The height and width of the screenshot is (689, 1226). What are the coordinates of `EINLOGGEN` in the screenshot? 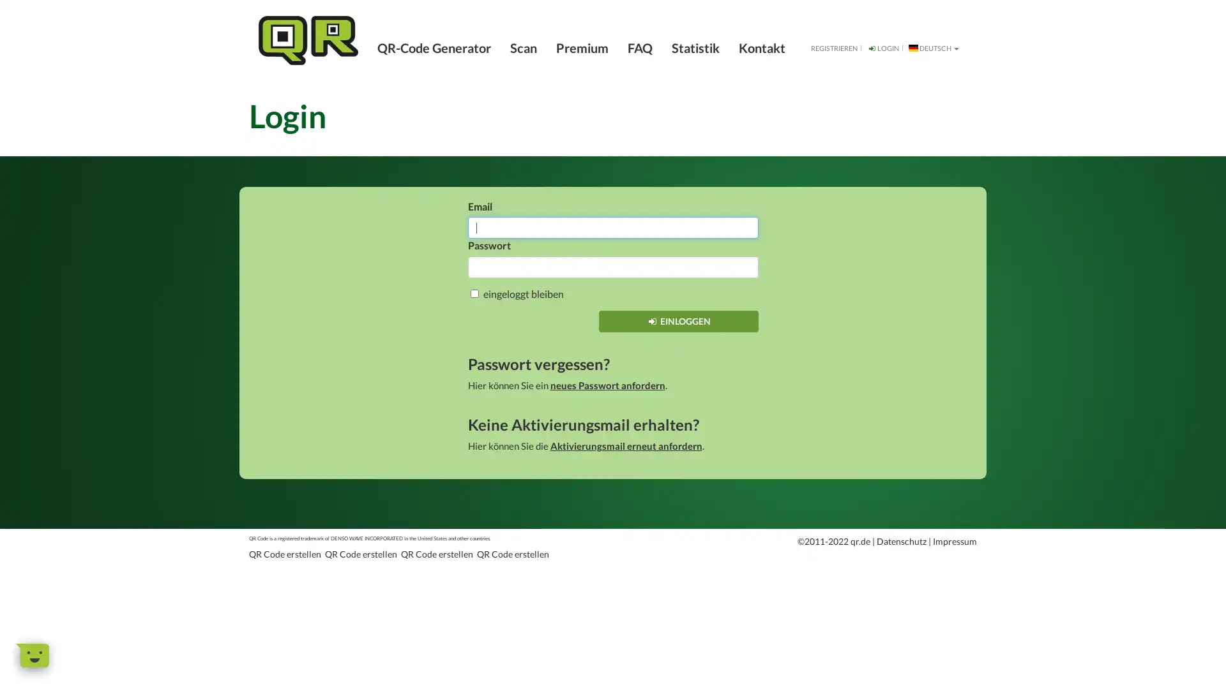 It's located at (677, 321).